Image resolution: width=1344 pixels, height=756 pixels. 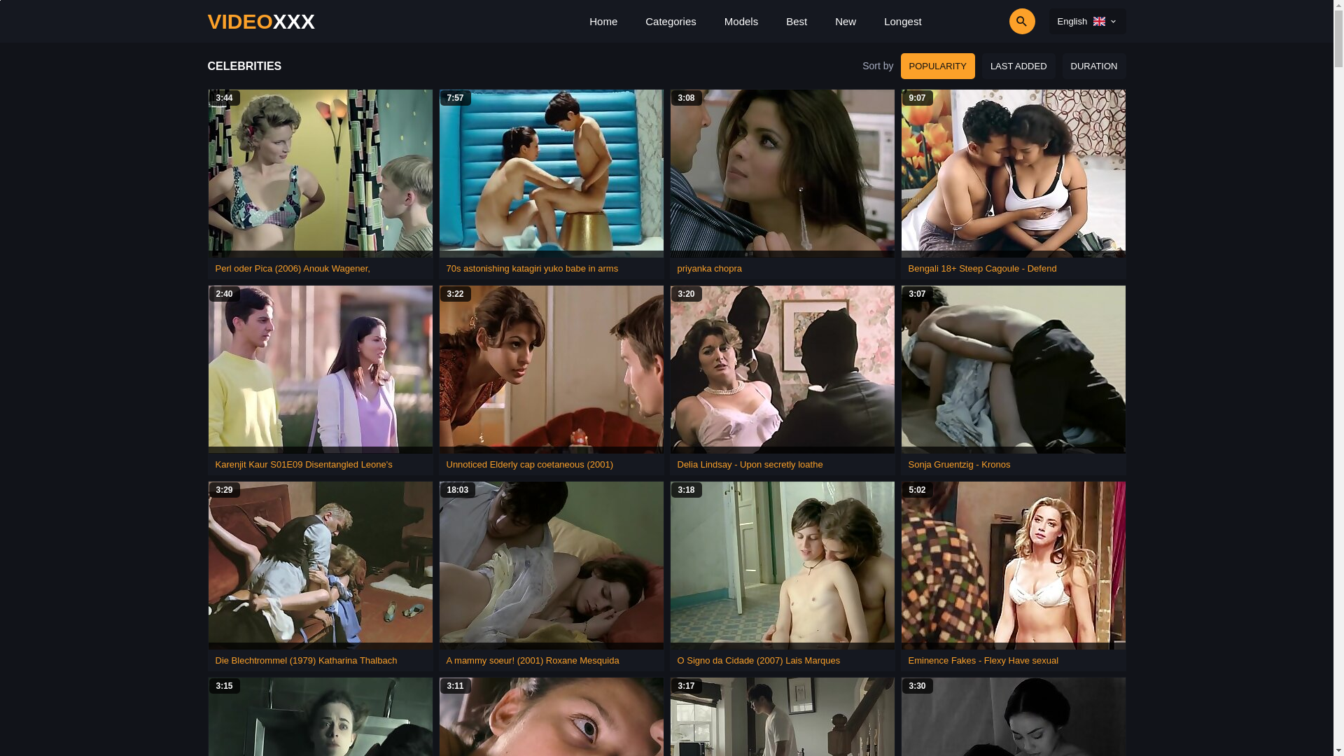 I want to click on 'Perl oder Pica (2006) Anouk Wagener,', so click(x=214, y=268).